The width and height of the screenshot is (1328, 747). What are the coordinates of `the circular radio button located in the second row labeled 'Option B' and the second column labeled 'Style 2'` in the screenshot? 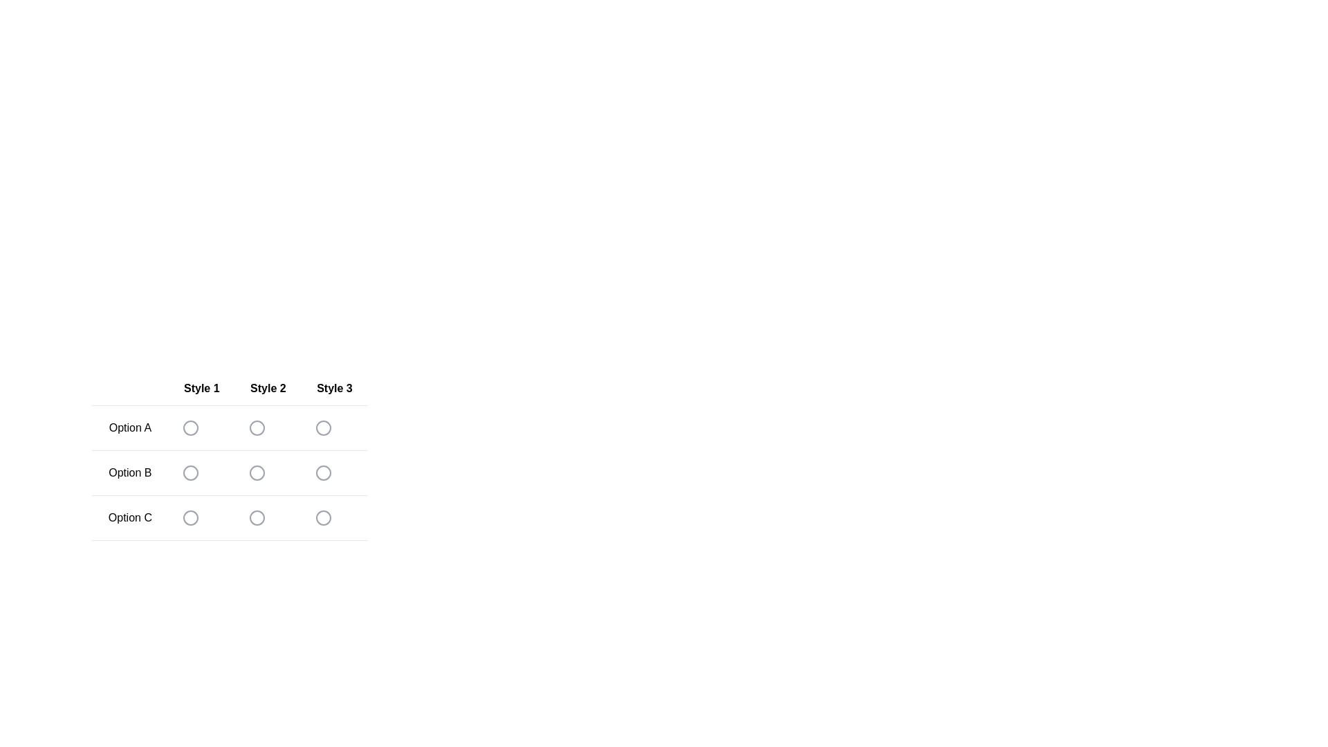 It's located at (230, 477).